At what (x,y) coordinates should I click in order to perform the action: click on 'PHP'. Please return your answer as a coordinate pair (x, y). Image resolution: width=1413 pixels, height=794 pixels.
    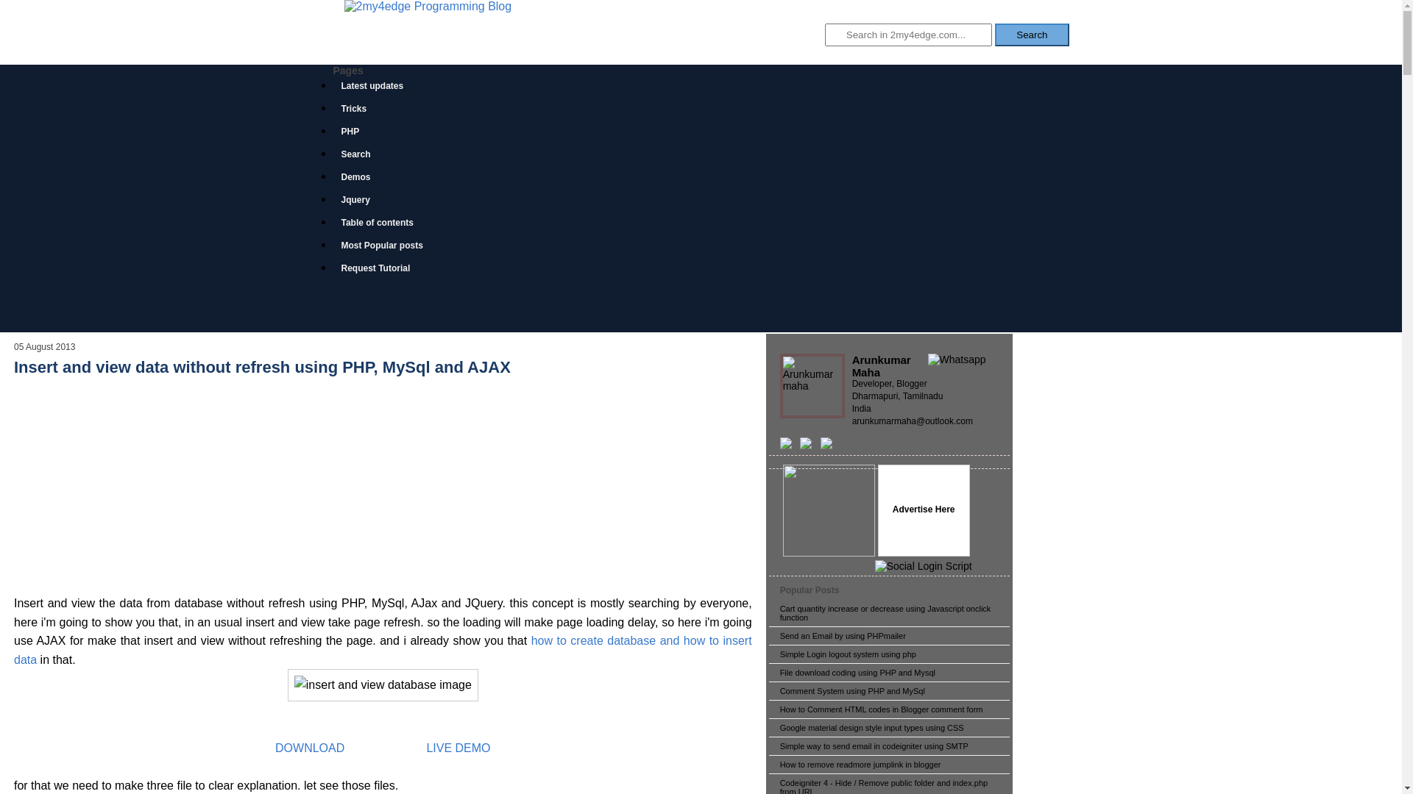
    Looking at the image, I should click on (356, 133).